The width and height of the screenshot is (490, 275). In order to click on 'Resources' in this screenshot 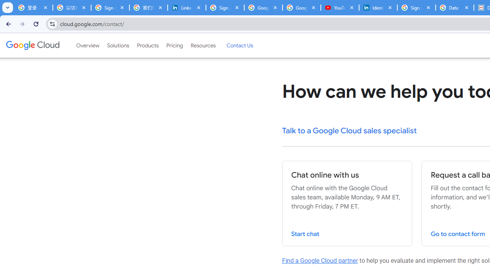, I will do `click(203, 45)`.